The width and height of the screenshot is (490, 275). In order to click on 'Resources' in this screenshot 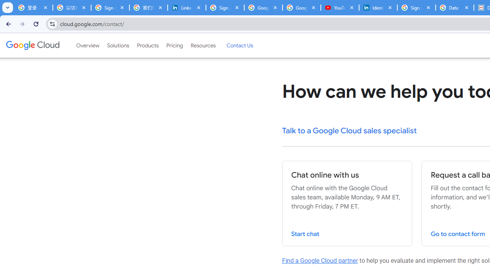, I will do `click(203, 45)`.